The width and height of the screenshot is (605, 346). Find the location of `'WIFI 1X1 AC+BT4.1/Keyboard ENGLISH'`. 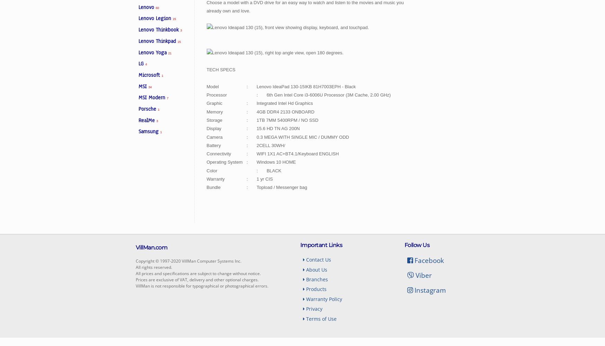

'WIFI 1X1 AC+BT4.1/Keyboard ENGLISH' is located at coordinates (297, 153).